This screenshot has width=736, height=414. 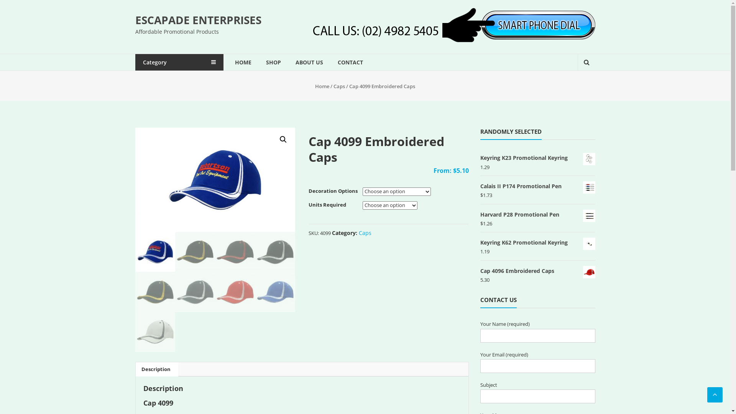 I want to click on 'Caps', so click(x=338, y=86).